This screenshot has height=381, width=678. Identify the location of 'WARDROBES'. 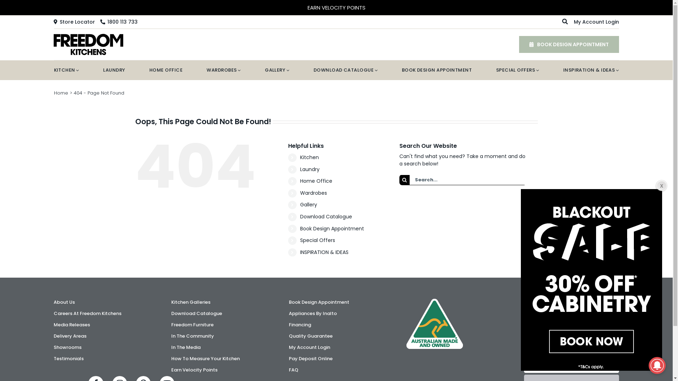
(223, 70).